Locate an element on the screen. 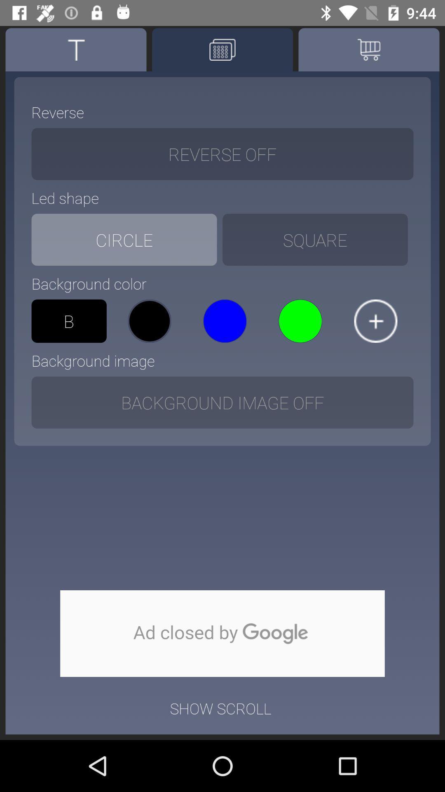  print is located at coordinates (222, 49).